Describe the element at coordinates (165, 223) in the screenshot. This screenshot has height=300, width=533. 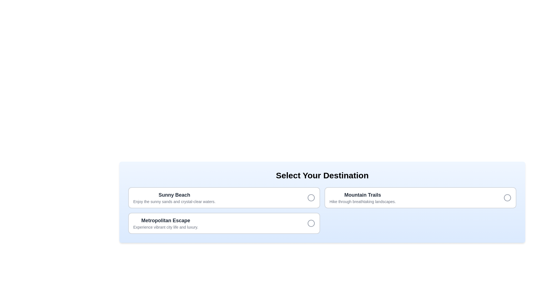
I see `the middle selectable destination option in the 'Select Your Destination' section, which is located below 'Sunny Beach' and above 'Mountain Trails'` at that location.